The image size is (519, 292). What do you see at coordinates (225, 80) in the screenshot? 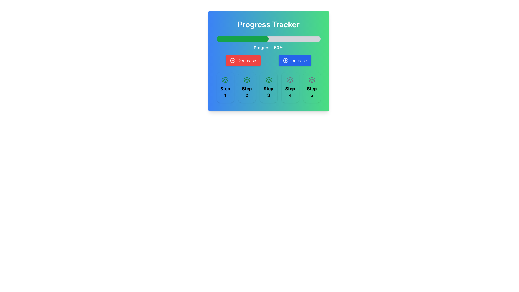
I see `the green layered stack SVG icon in the 'Progress Tracker' interface, which is located inside the card labeled 'Step 1'` at bounding box center [225, 80].